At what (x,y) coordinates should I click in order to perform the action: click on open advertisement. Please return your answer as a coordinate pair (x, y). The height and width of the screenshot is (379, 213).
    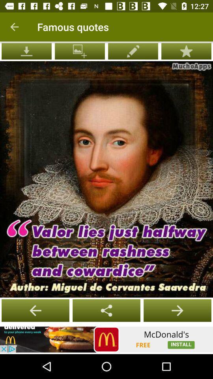
    Looking at the image, I should click on (106, 339).